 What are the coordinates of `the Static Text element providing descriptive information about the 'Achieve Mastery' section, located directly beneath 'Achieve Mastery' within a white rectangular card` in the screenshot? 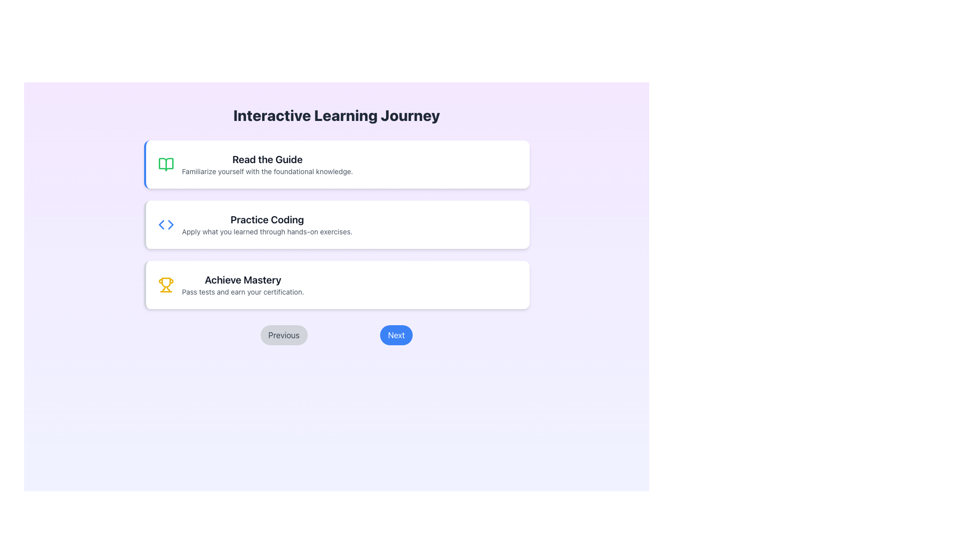 It's located at (243, 292).